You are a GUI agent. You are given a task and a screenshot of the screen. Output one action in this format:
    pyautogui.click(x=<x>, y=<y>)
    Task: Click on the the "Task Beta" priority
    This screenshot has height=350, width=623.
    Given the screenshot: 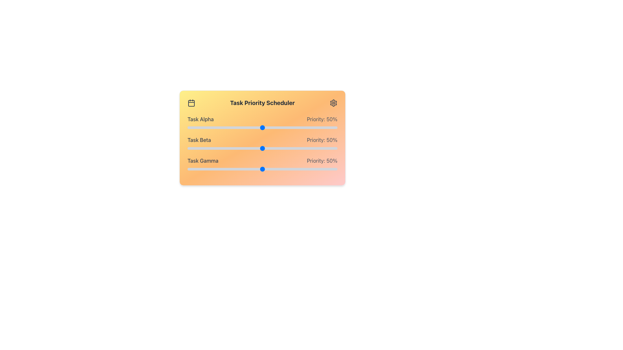 What is the action you would take?
    pyautogui.click(x=322, y=148)
    